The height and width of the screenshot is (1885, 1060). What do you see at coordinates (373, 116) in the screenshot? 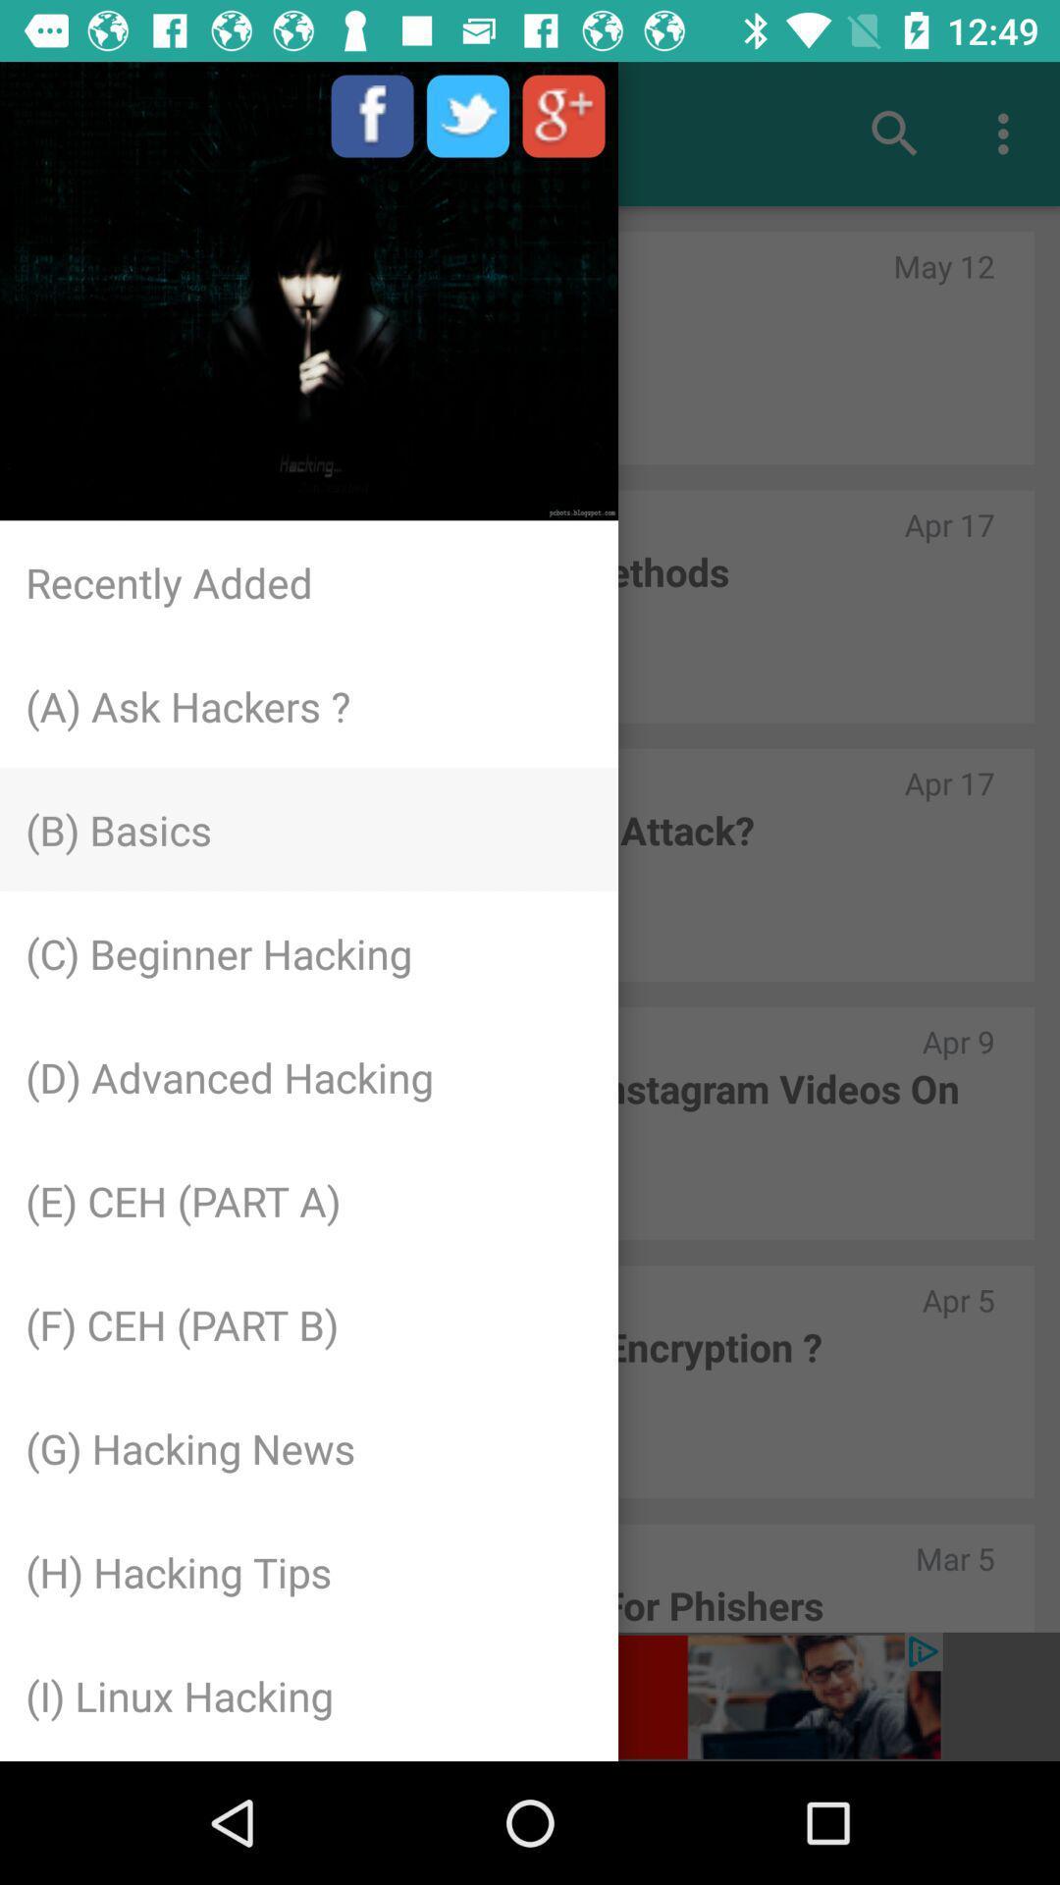
I see `the facebook icon` at bounding box center [373, 116].